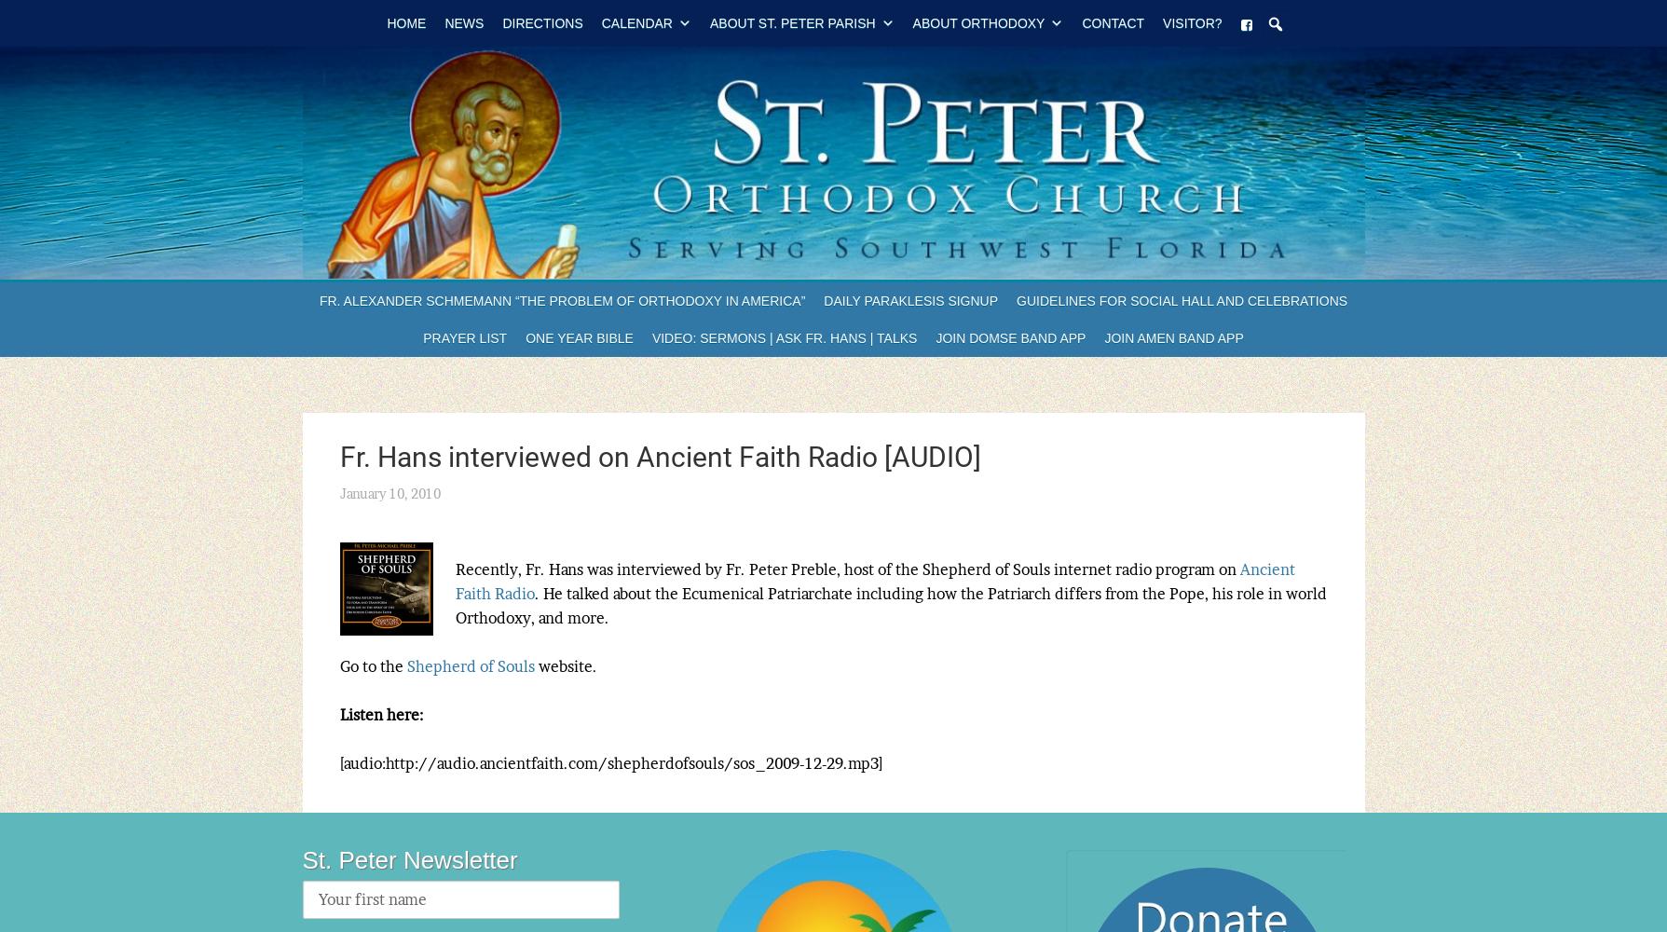 This screenshot has height=932, width=1667. What do you see at coordinates (525, 337) in the screenshot?
I see `'One Year Bible'` at bounding box center [525, 337].